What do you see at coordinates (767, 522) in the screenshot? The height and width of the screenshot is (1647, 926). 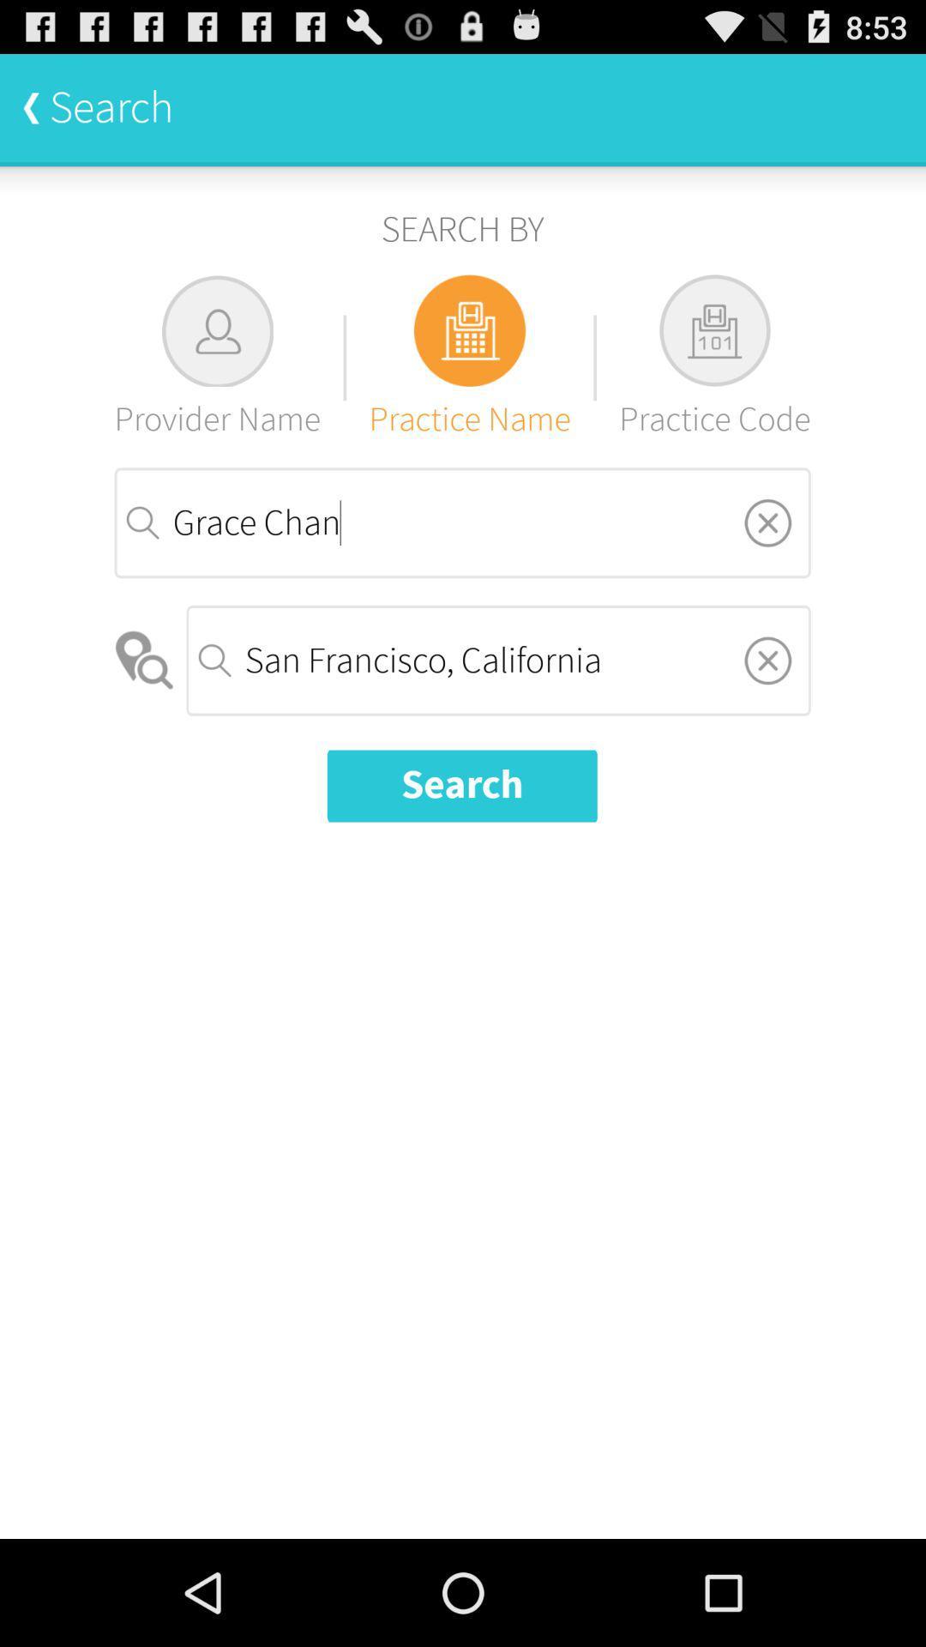 I see `remove text` at bounding box center [767, 522].